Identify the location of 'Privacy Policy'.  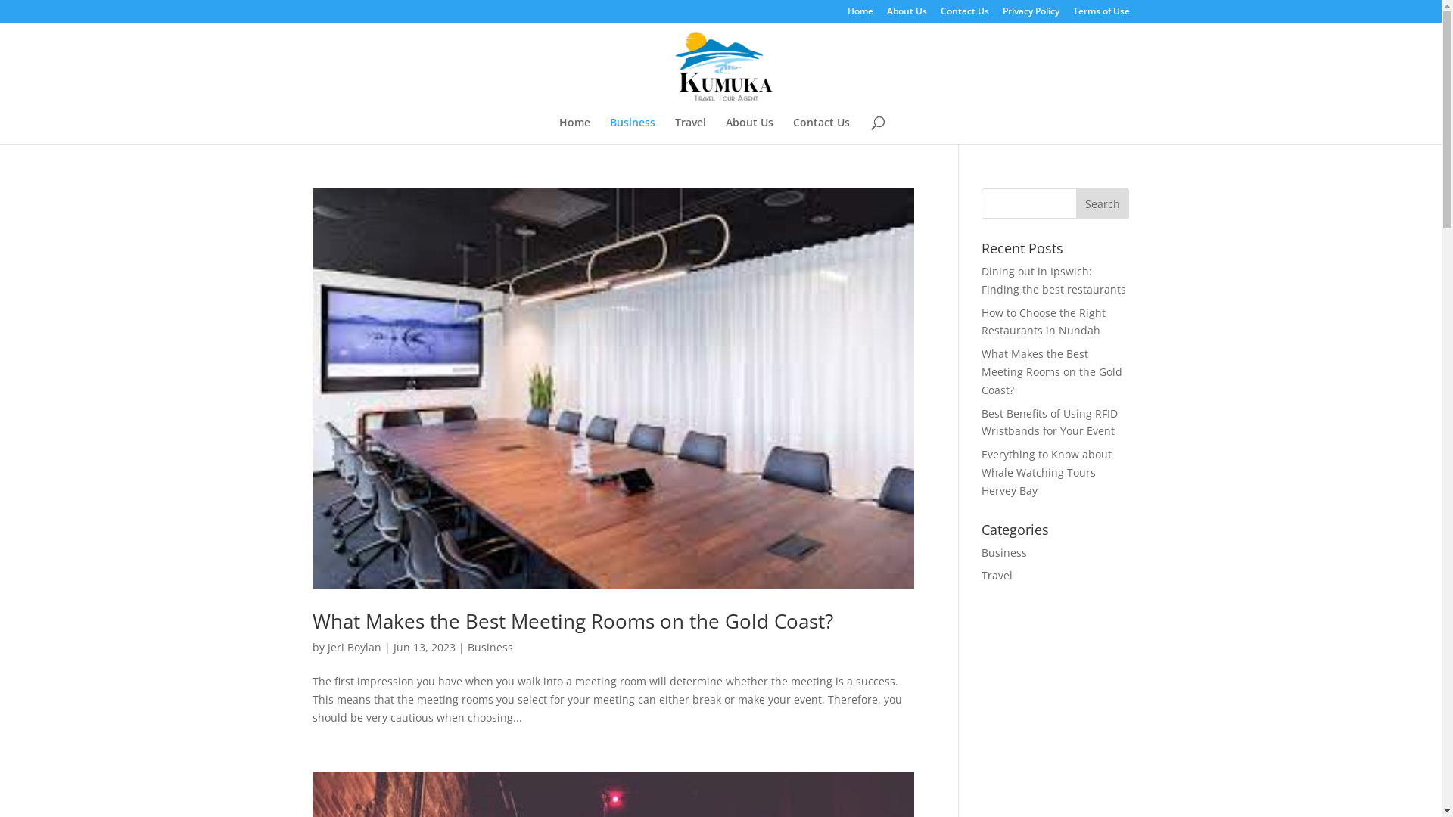
(1029, 14).